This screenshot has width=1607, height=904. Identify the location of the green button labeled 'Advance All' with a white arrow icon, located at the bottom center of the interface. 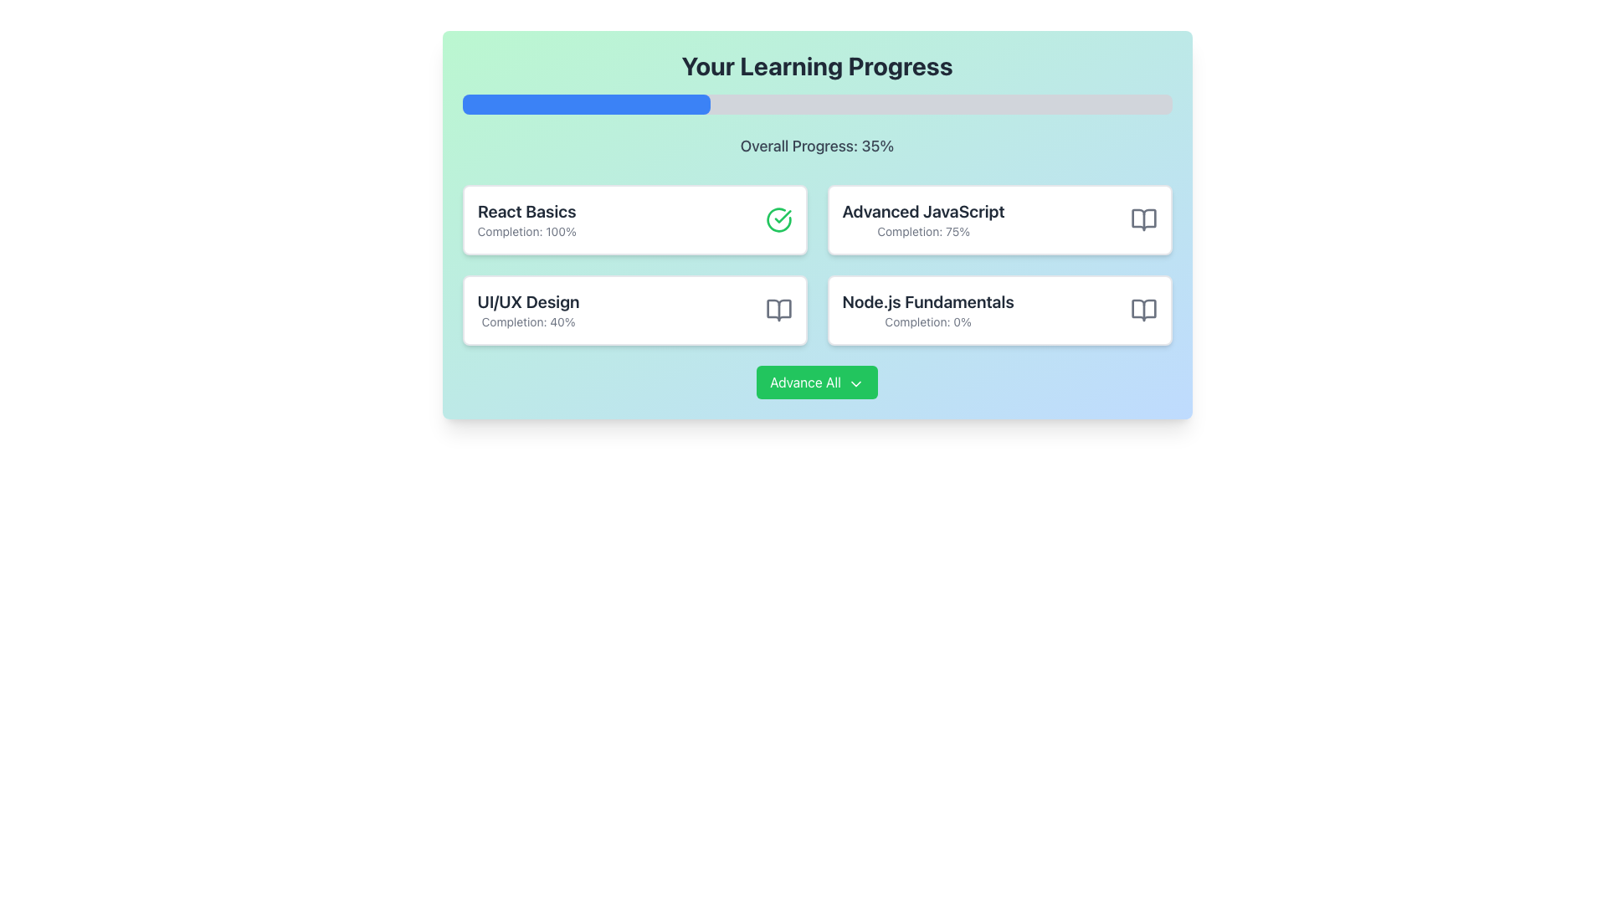
(817, 382).